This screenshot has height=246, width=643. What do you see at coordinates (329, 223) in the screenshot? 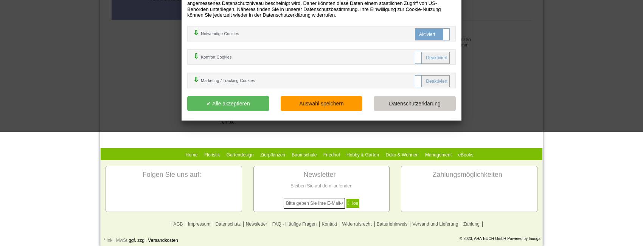
I see `'Kontakt'` at bounding box center [329, 223].